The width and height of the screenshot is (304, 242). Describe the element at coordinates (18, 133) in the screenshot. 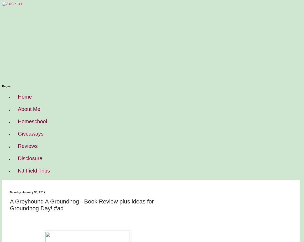

I see `'Giveaways'` at that location.